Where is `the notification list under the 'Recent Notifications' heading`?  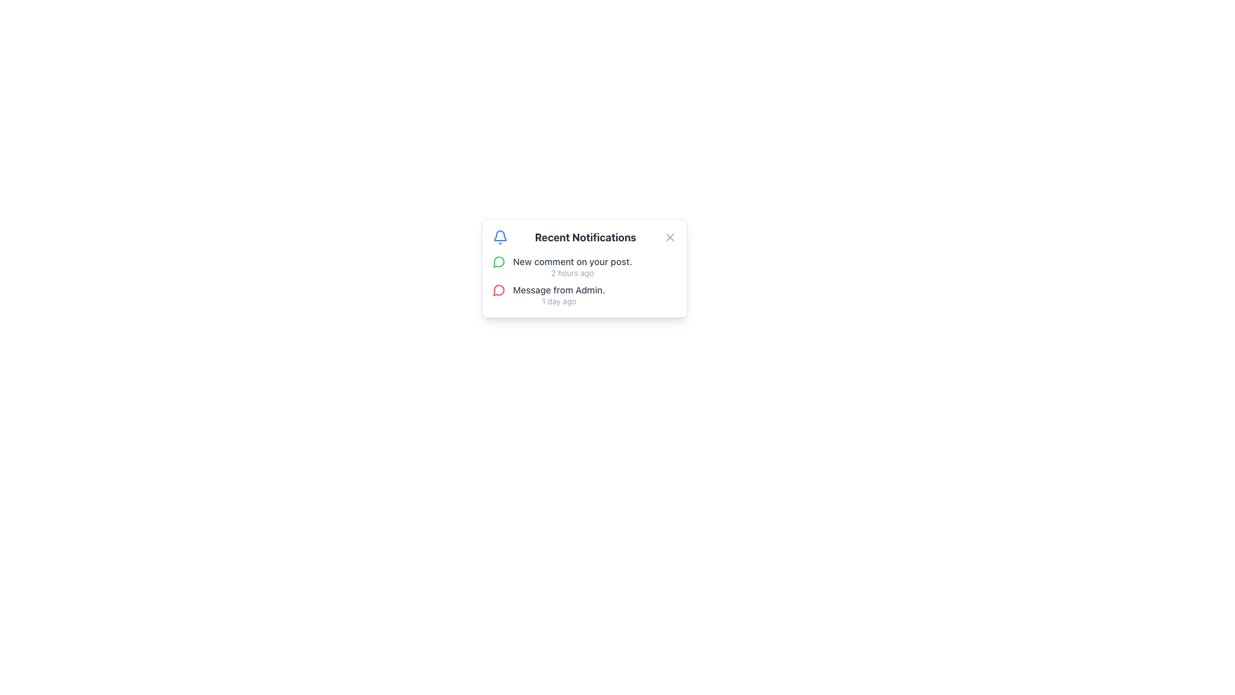 the notification list under the 'Recent Notifications' heading is located at coordinates (583, 280).